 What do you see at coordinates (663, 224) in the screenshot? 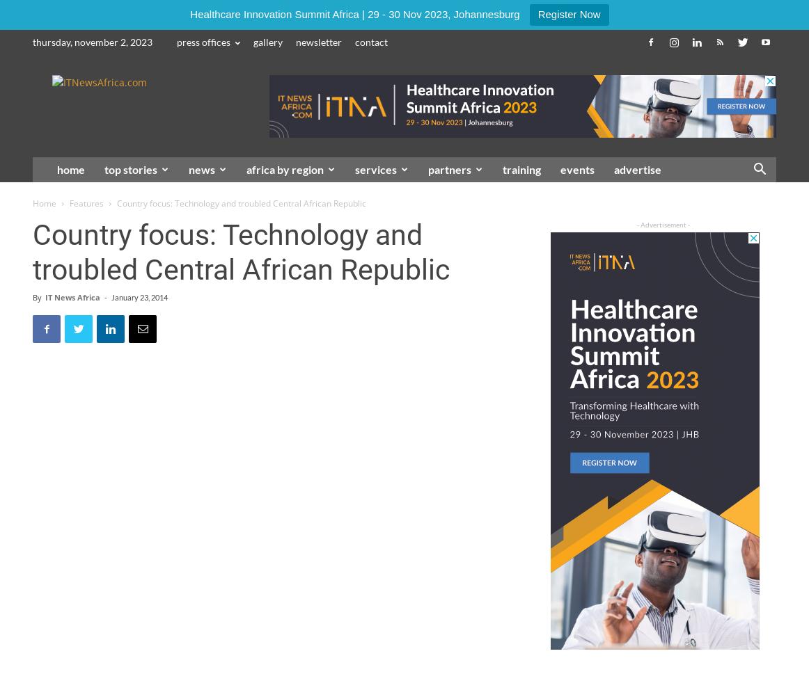
I see `'- Advertisement -'` at bounding box center [663, 224].